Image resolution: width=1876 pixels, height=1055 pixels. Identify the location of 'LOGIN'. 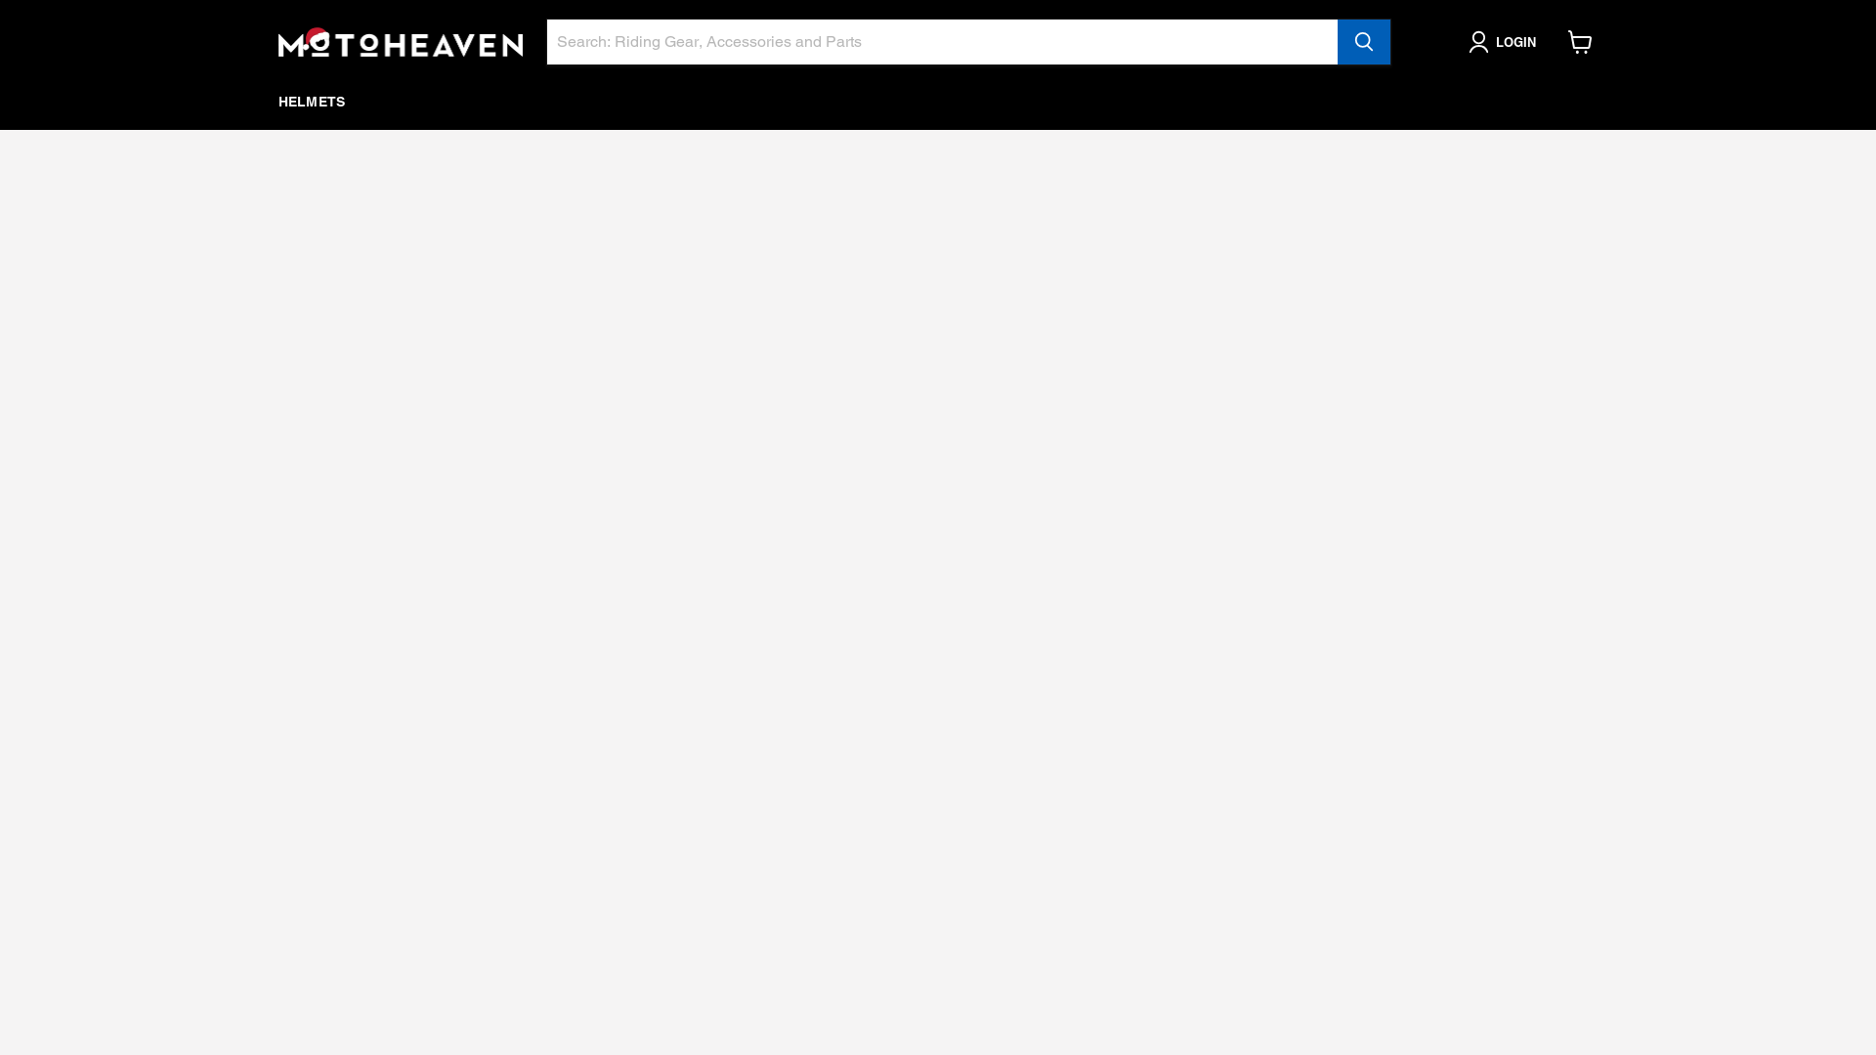
(1505, 41).